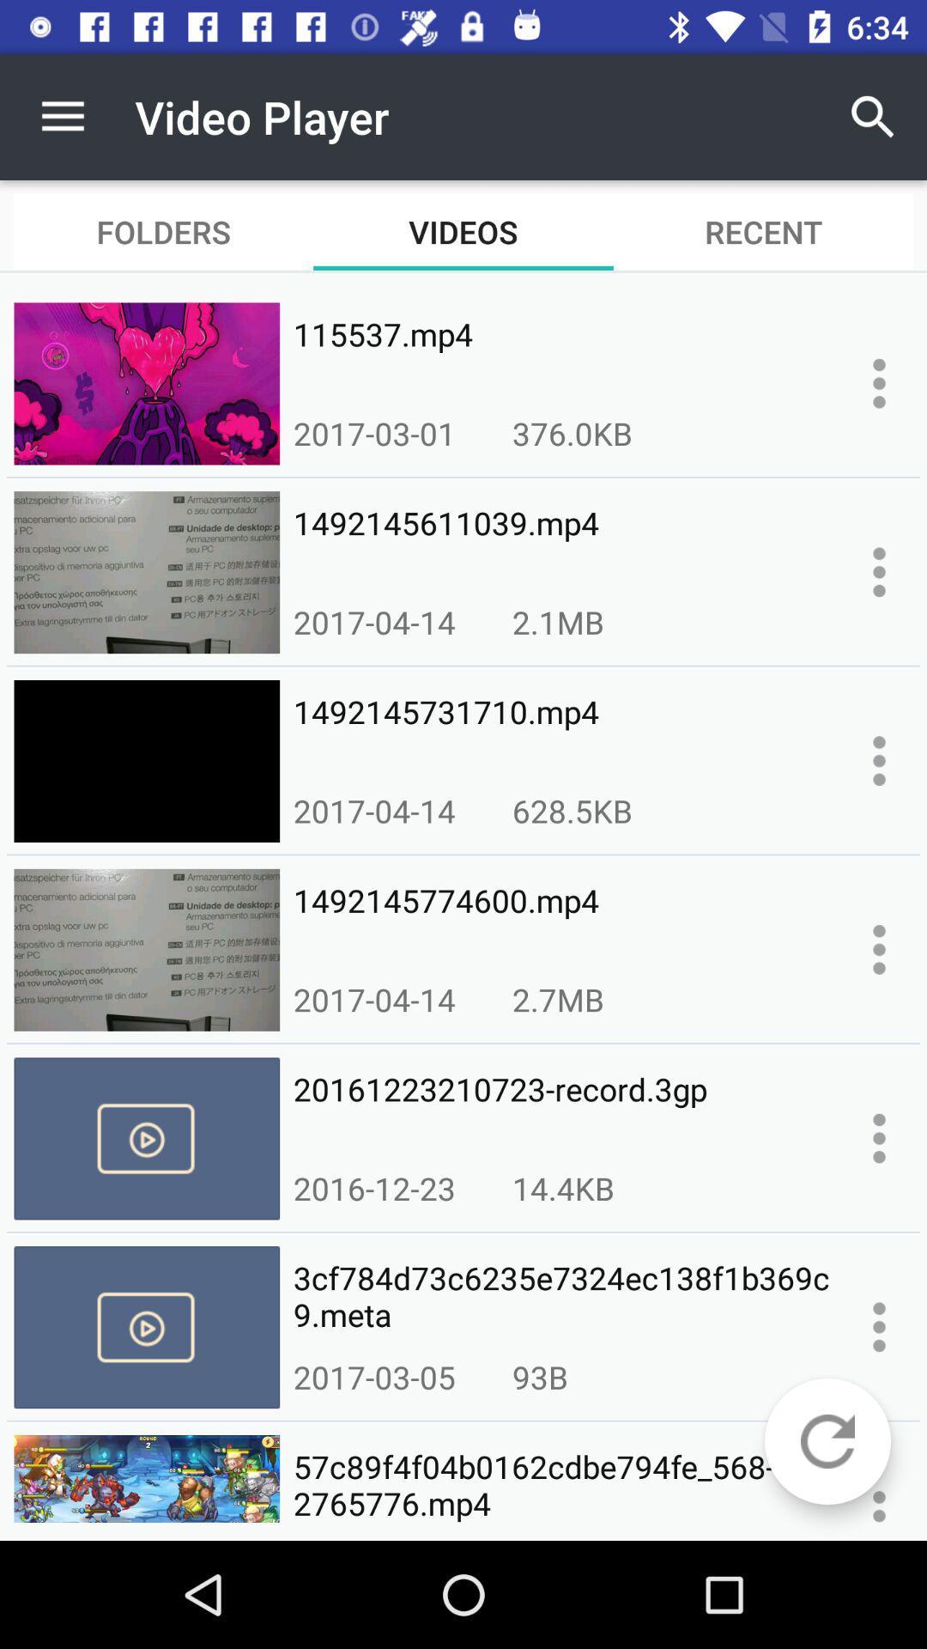  What do you see at coordinates (562, 1108) in the screenshot?
I see `icon below the 2017-04-14 icon` at bounding box center [562, 1108].